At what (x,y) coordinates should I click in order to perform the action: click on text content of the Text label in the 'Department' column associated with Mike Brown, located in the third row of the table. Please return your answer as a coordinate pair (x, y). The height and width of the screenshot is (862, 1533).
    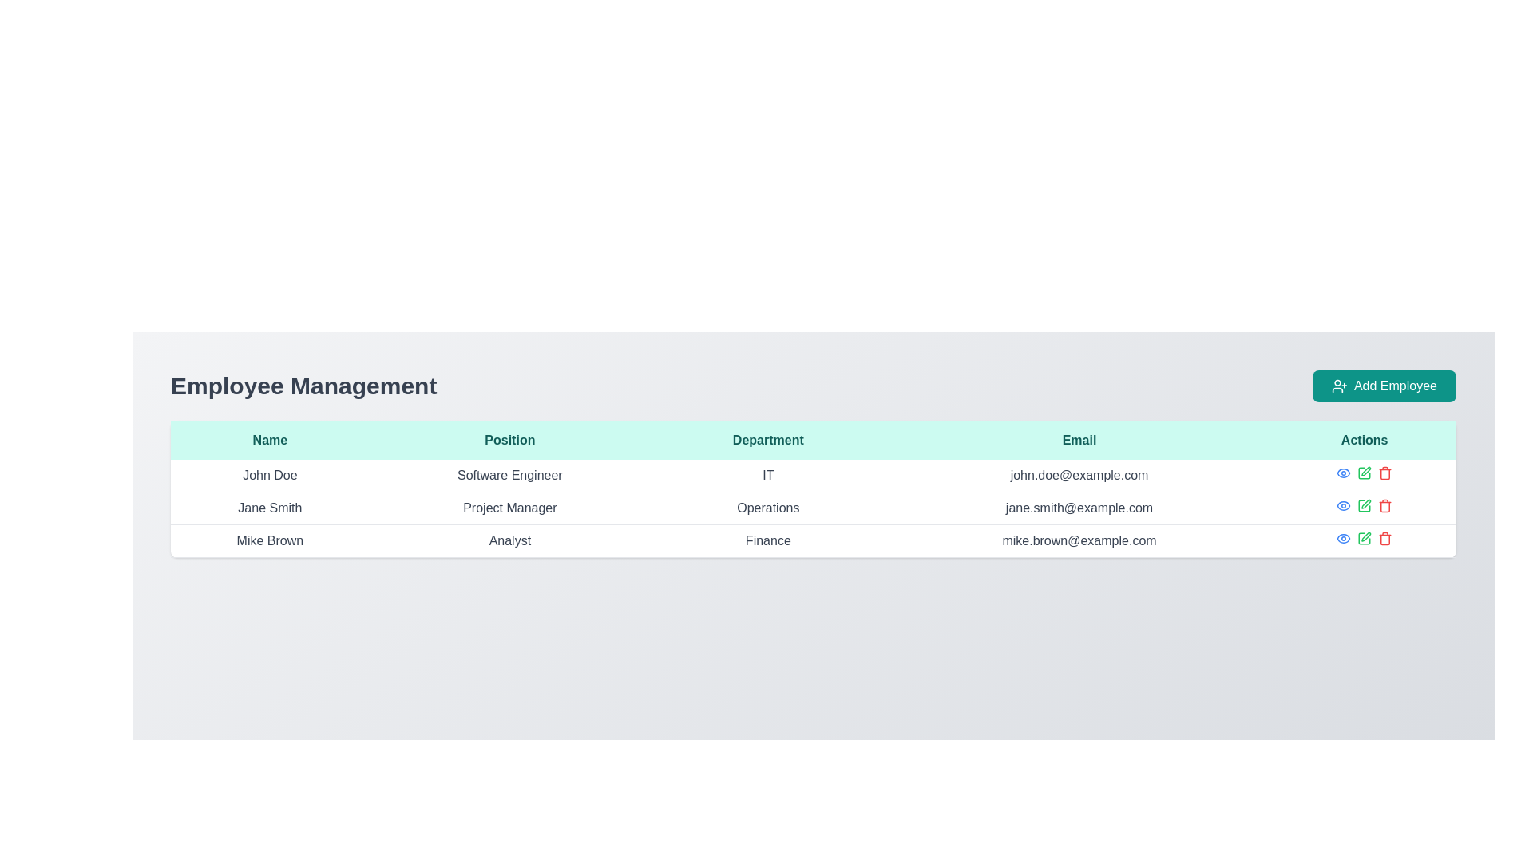
    Looking at the image, I should click on (768, 540).